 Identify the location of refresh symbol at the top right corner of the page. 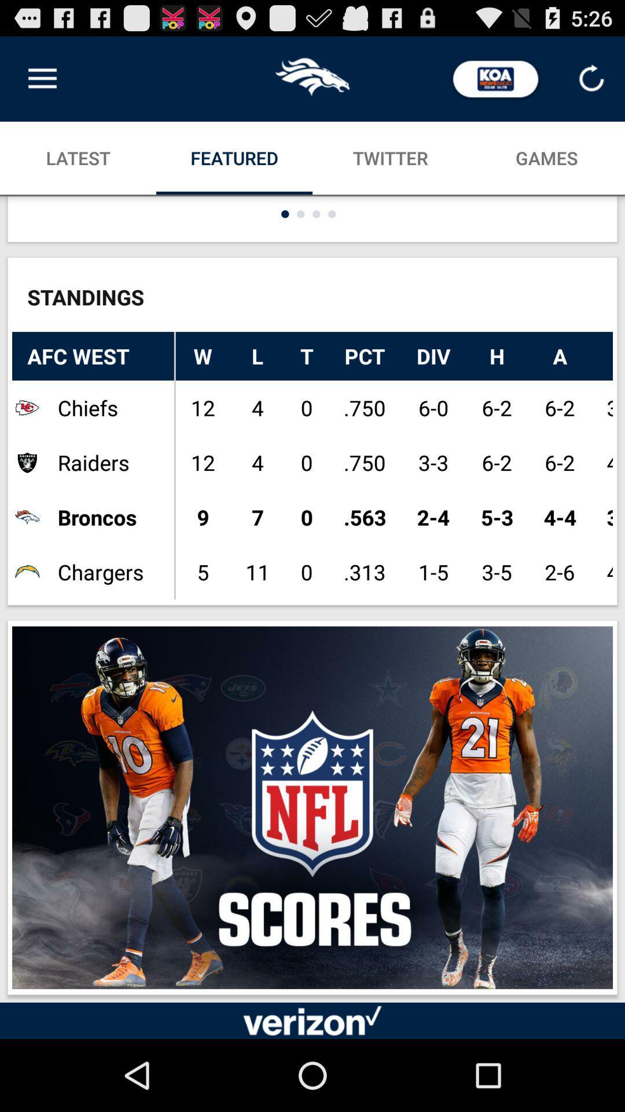
(591, 78).